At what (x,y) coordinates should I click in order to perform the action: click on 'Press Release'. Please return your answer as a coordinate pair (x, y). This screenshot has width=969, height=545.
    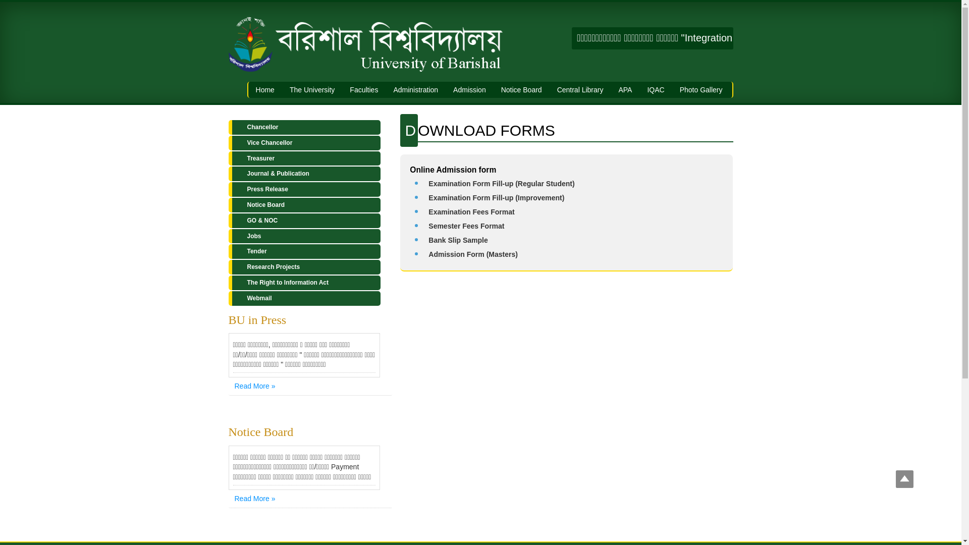
    Looking at the image, I should click on (303, 189).